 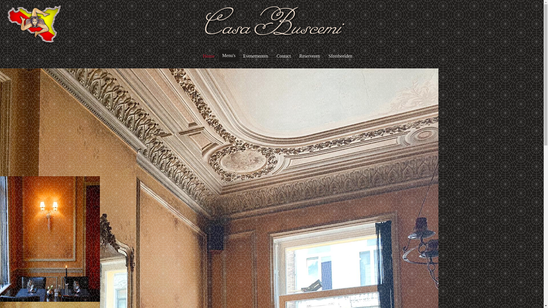 I want to click on 'Menu's', so click(x=229, y=56).